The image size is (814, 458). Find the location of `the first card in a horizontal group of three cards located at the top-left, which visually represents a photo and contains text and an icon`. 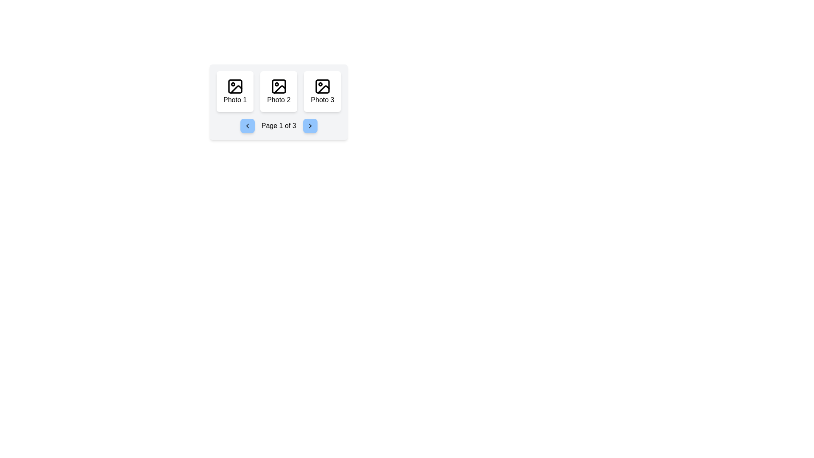

the first card in a horizontal group of three cards located at the top-left, which visually represents a photo and contains text and an icon is located at coordinates (235, 92).